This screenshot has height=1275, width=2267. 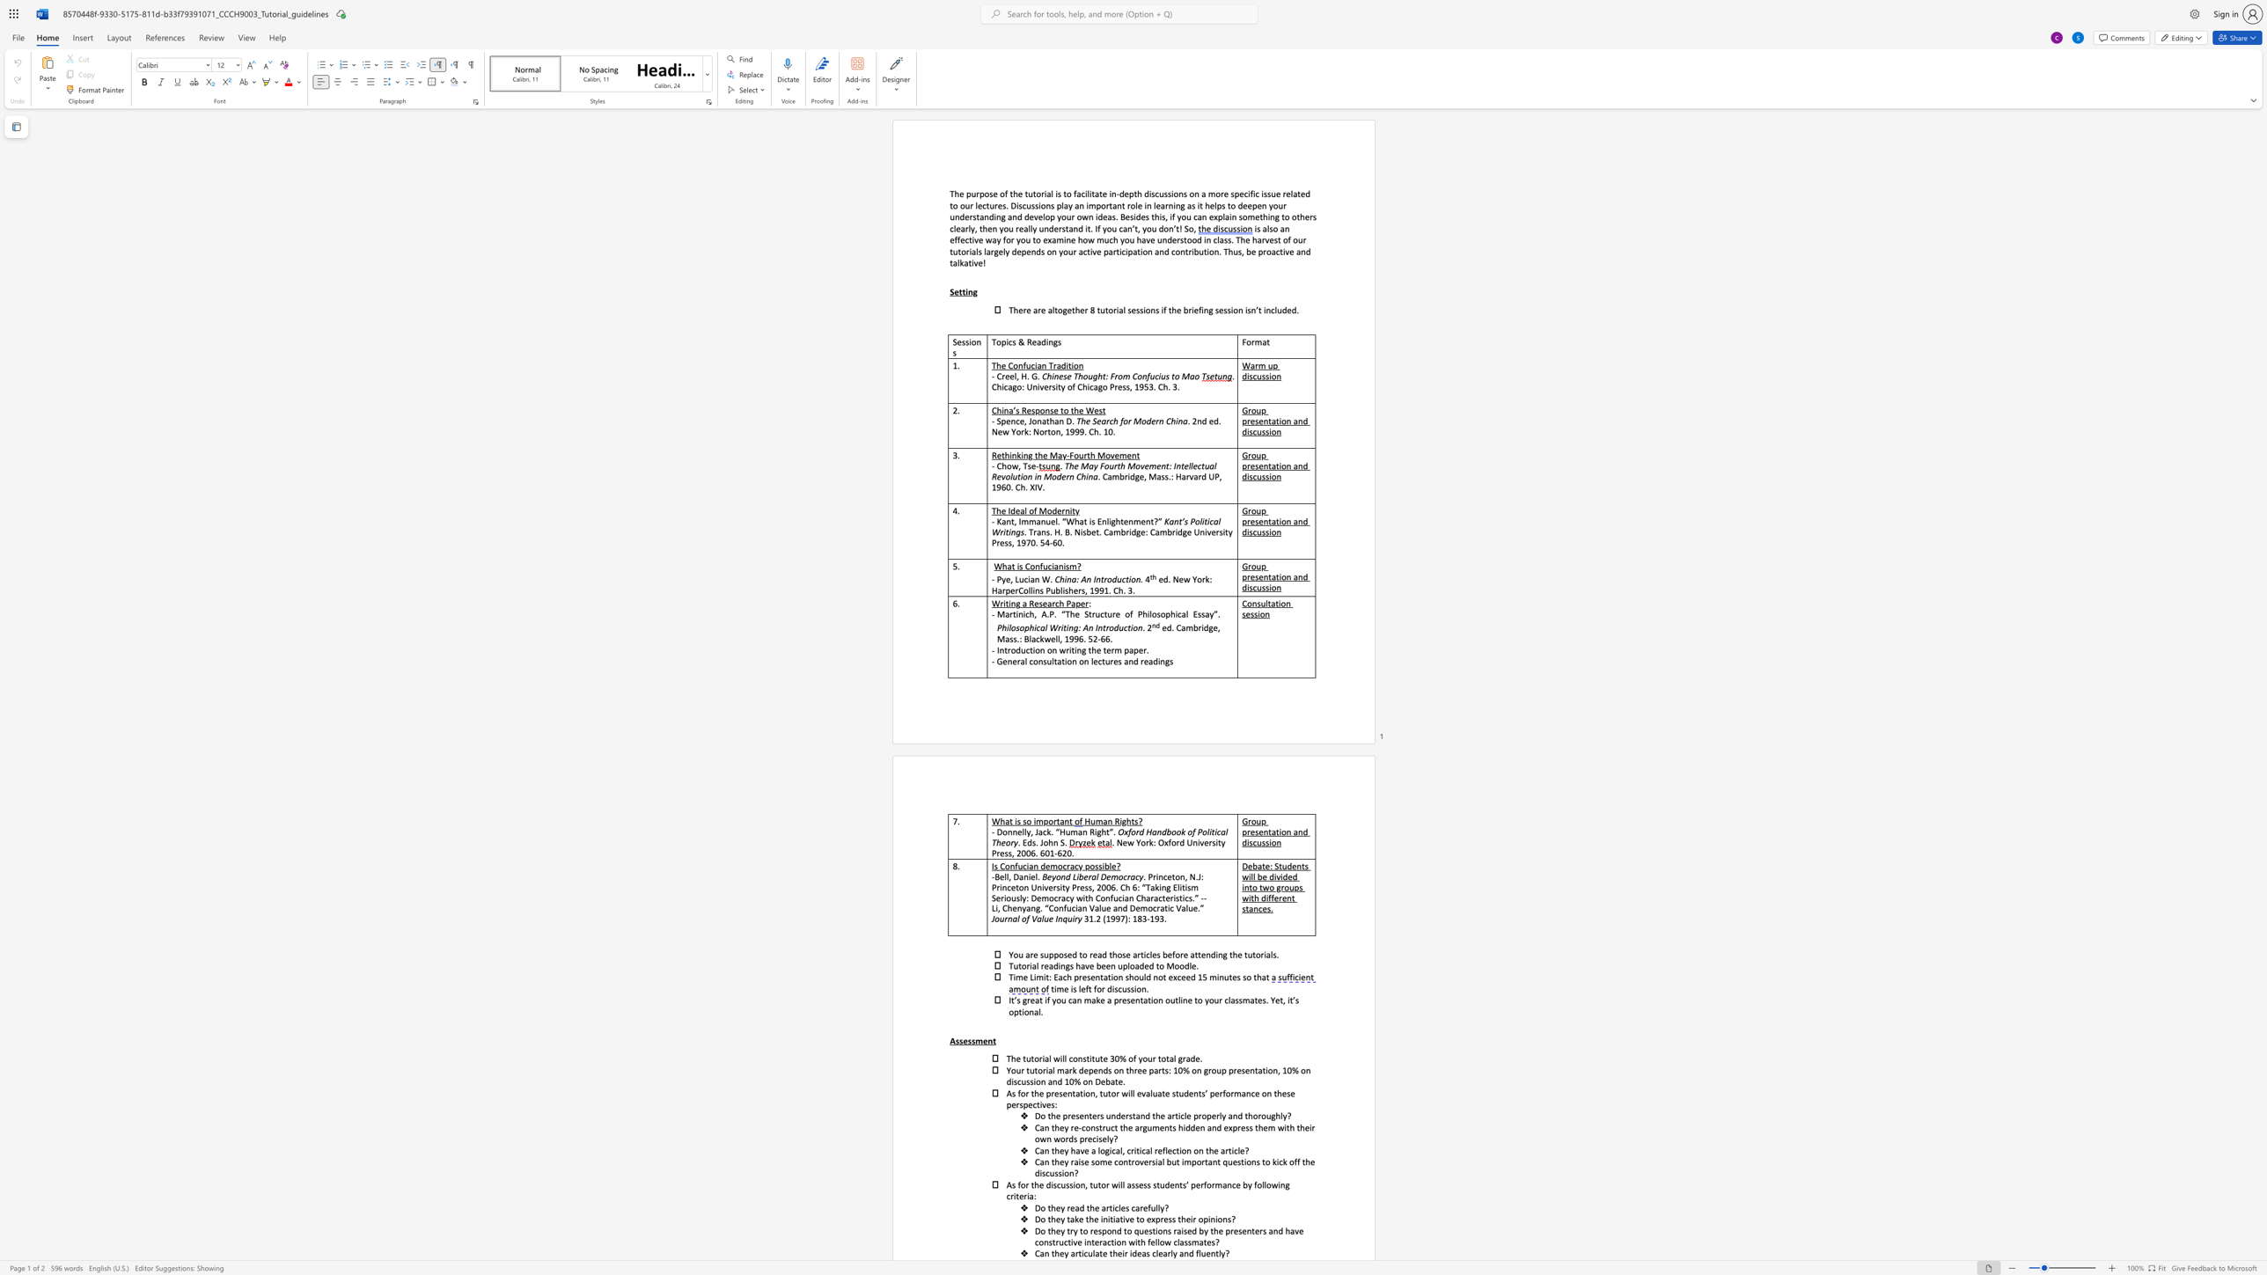 What do you see at coordinates (1165, 1059) in the screenshot?
I see `the subset text "tal grade." within the text "30% of your total grade."` at bounding box center [1165, 1059].